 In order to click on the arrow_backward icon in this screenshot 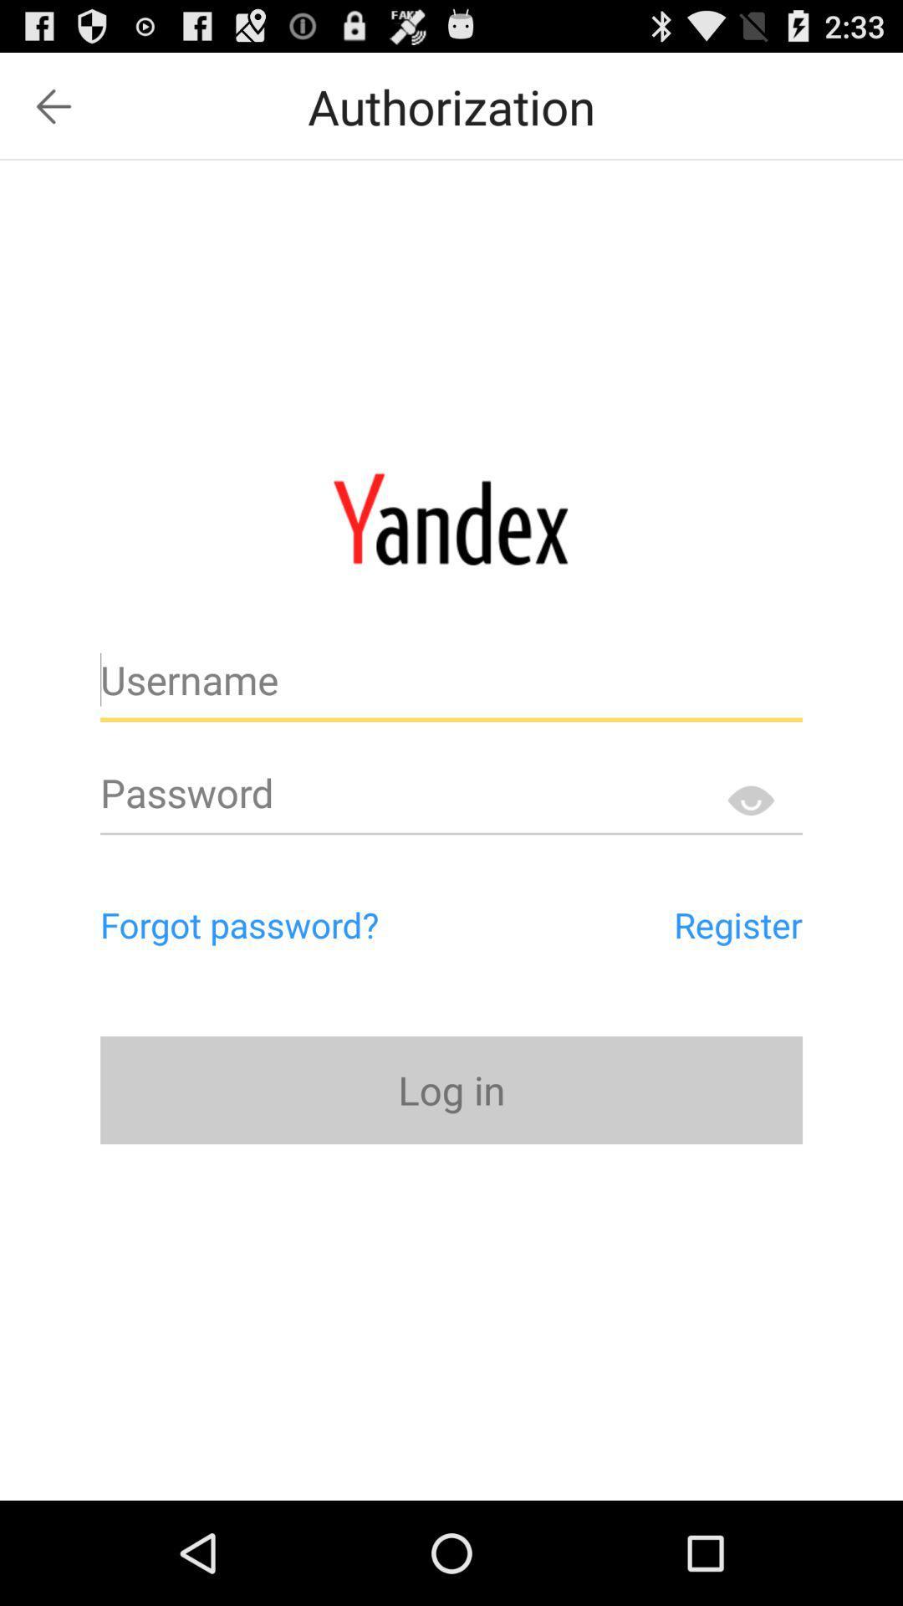, I will do `click(53, 113)`.